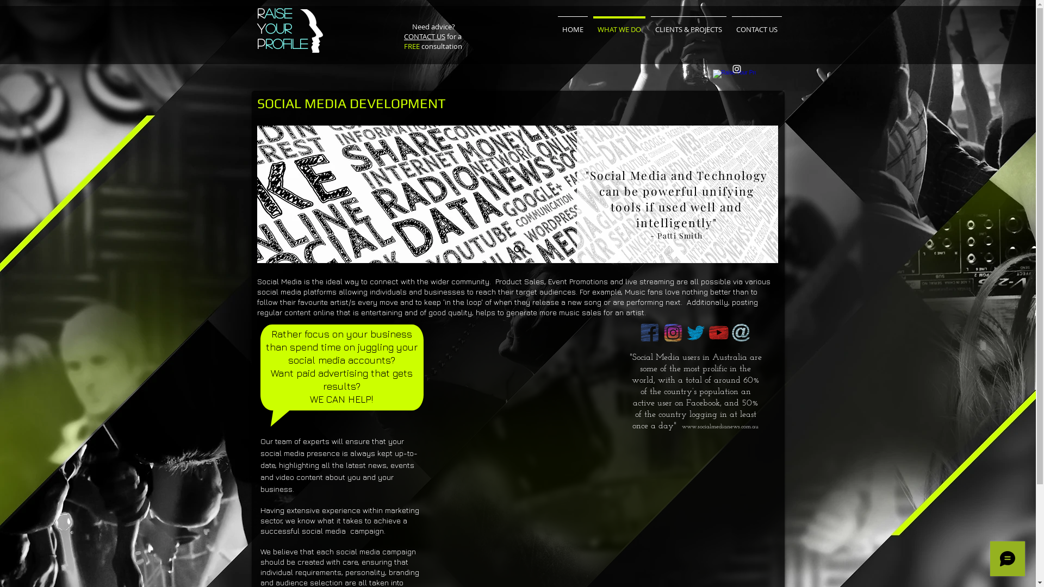 This screenshot has width=1044, height=587. What do you see at coordinates (619, 24) in the screenshot?
I see `'WHAT WE DO'` at bounding box center [619, 24].